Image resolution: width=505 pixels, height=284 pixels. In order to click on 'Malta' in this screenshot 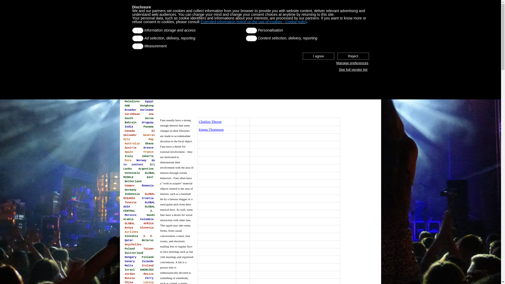, I will do `click(129, 266)`.